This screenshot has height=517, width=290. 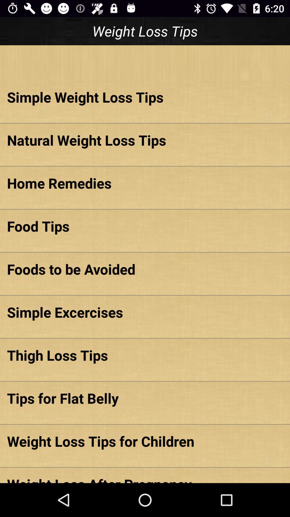 I want to click on the item below food tips, so click(x=145, y=269).